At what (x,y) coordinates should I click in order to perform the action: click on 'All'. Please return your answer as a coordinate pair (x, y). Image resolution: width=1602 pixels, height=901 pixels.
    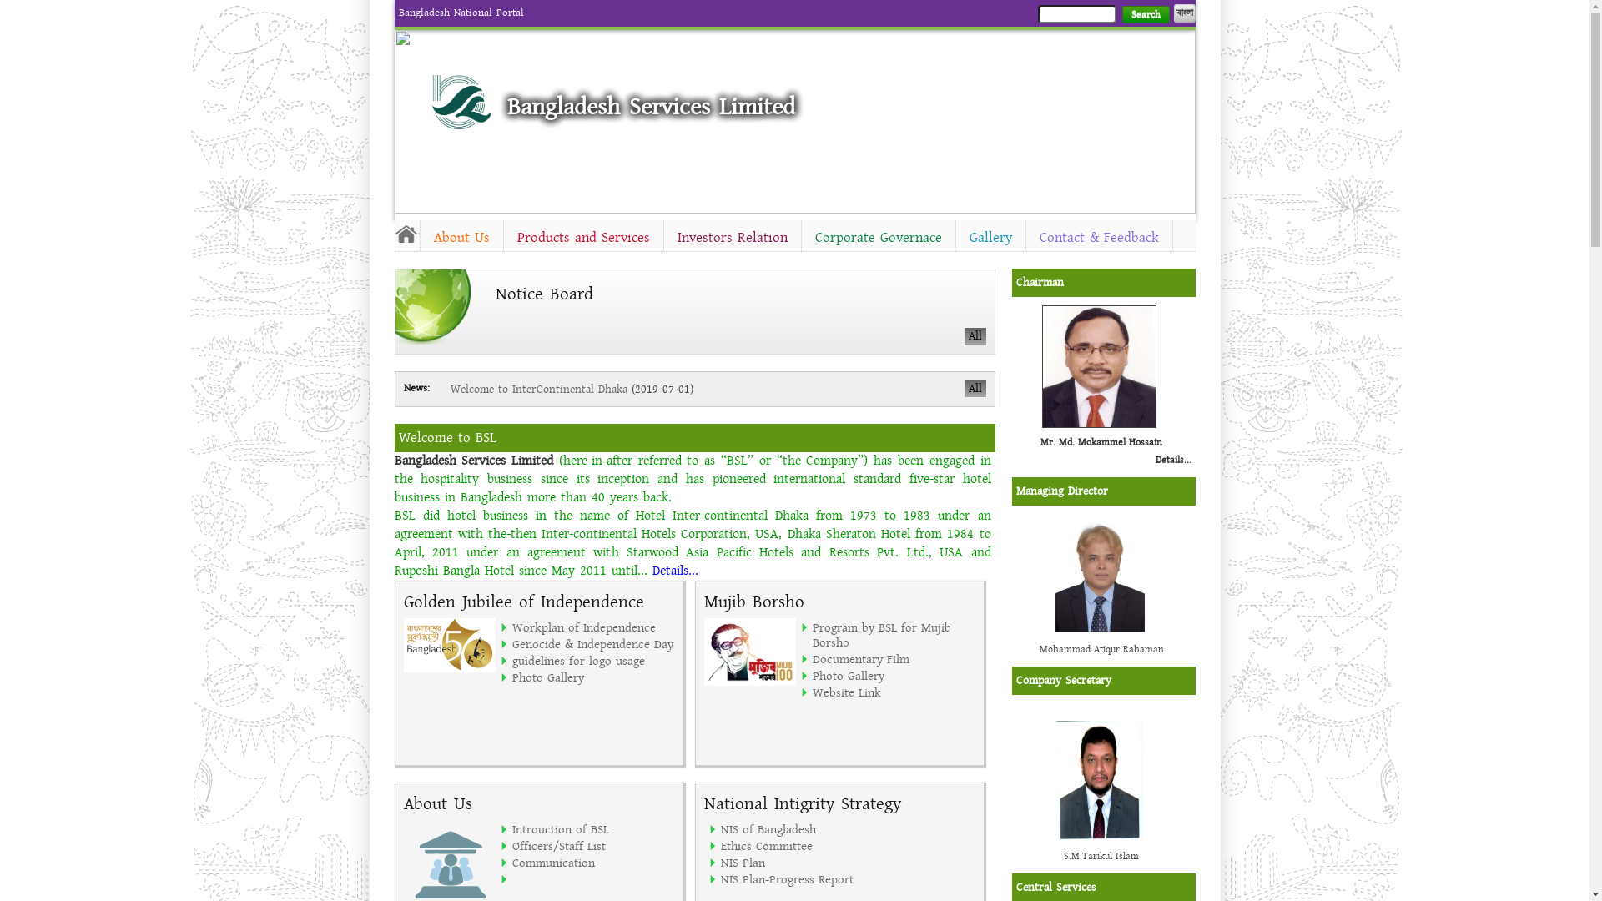
    Looking at the image, I should click on (975, 389).